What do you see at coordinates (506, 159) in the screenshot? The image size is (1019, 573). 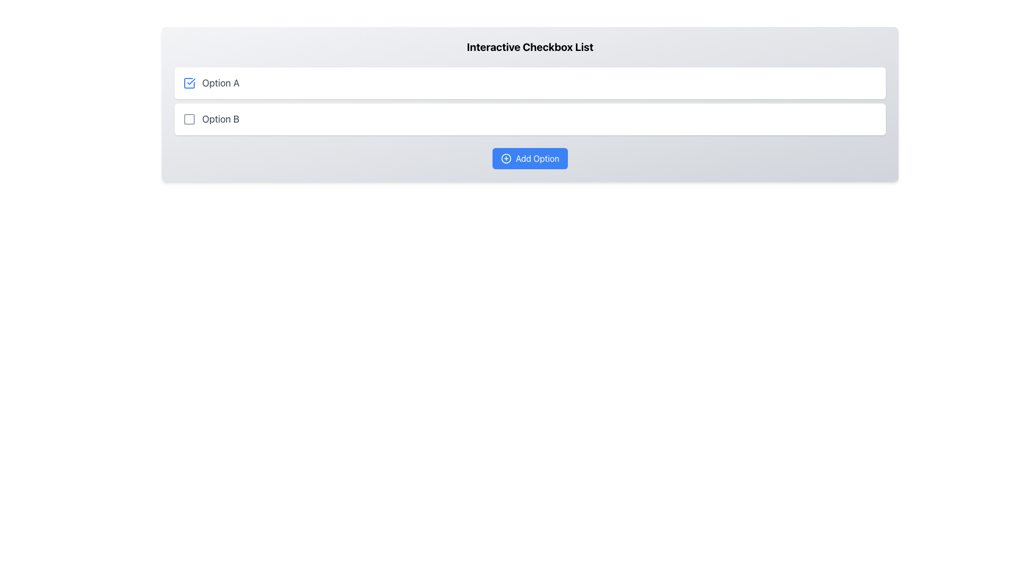 I see `the SVG Circle element which is part of the circular plus icon located above the 'Add Option' button` at bounding box center [506, 159].